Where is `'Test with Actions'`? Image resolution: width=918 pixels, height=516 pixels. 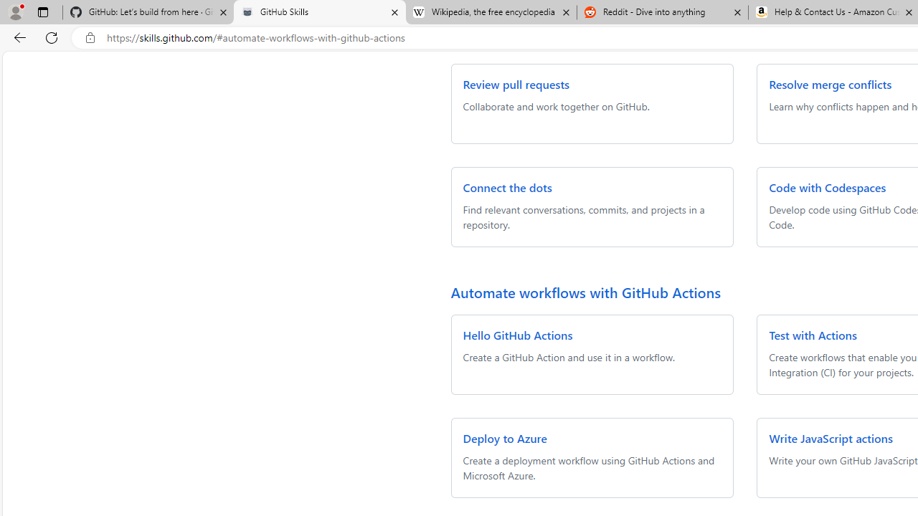 'Test with Actions' is located at coordinates (813, 335).